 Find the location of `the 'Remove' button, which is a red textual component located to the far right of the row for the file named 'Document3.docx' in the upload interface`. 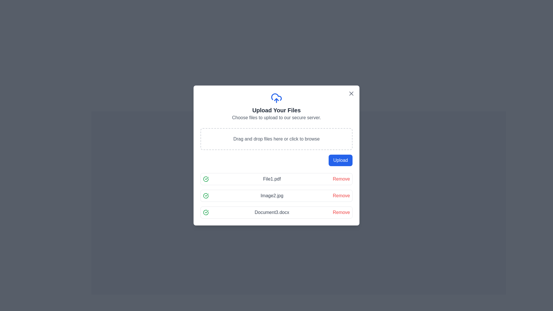

the 'Remove' button, which is a red textual component located to the far right of the row for the file named 'Document3.docx' in the upload interface is located at coordinates (341, 212).